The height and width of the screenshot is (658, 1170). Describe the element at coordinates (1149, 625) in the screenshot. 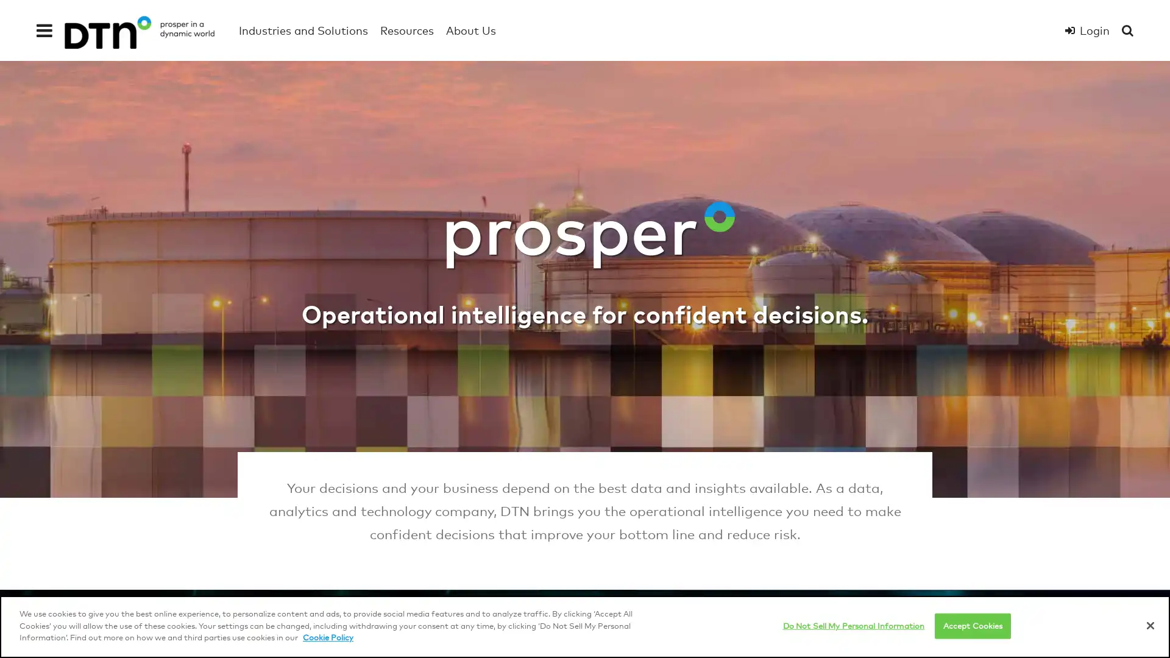

I see `Close` at that location.